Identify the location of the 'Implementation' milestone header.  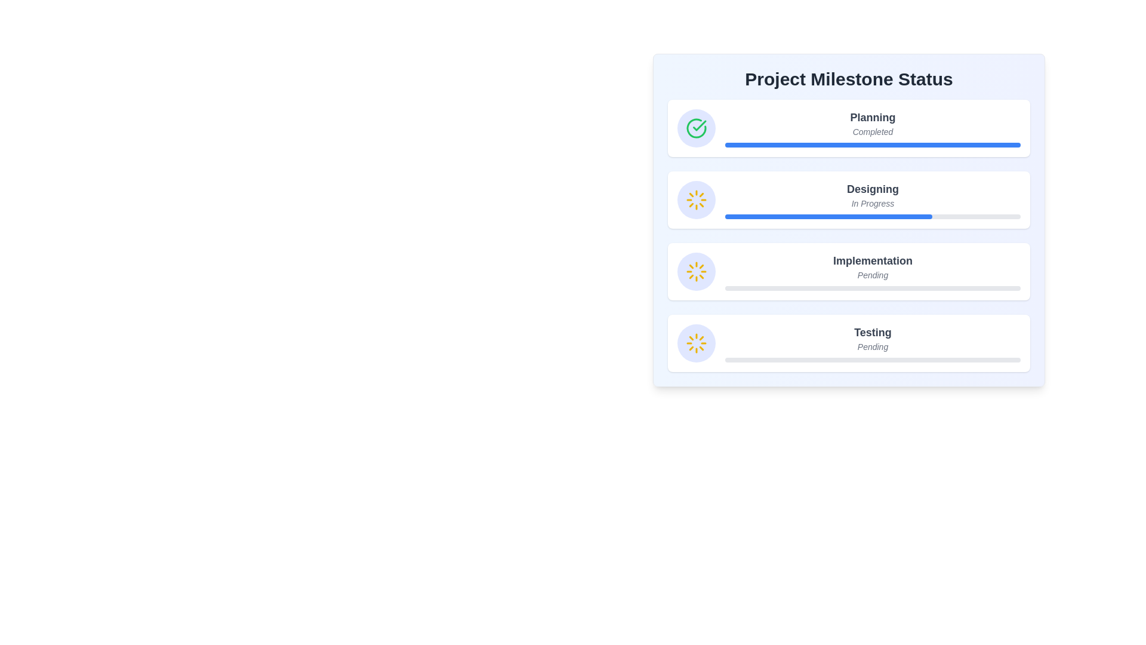
(873, 260).